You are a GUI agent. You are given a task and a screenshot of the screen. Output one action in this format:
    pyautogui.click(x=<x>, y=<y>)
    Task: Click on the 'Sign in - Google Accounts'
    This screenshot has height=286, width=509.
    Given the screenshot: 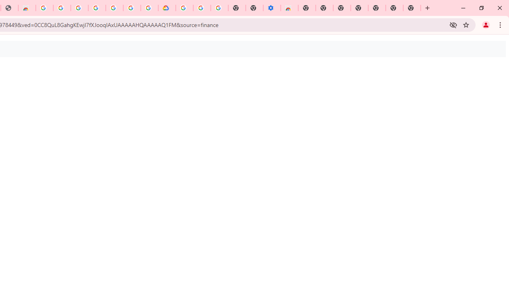 What is the action you would take?
    pyautogui.click(x=79, y=8)
    